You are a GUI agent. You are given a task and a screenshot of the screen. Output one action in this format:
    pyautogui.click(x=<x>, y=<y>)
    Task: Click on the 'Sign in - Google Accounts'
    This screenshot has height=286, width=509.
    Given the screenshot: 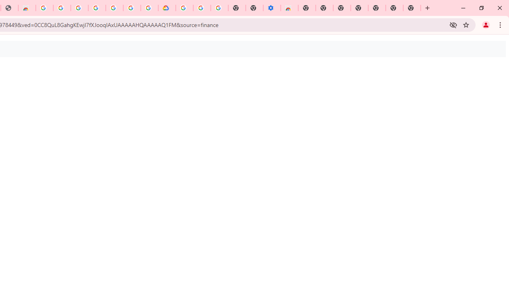 What is the action you would take?
    pyautogui.click(x=79, y=8)
    